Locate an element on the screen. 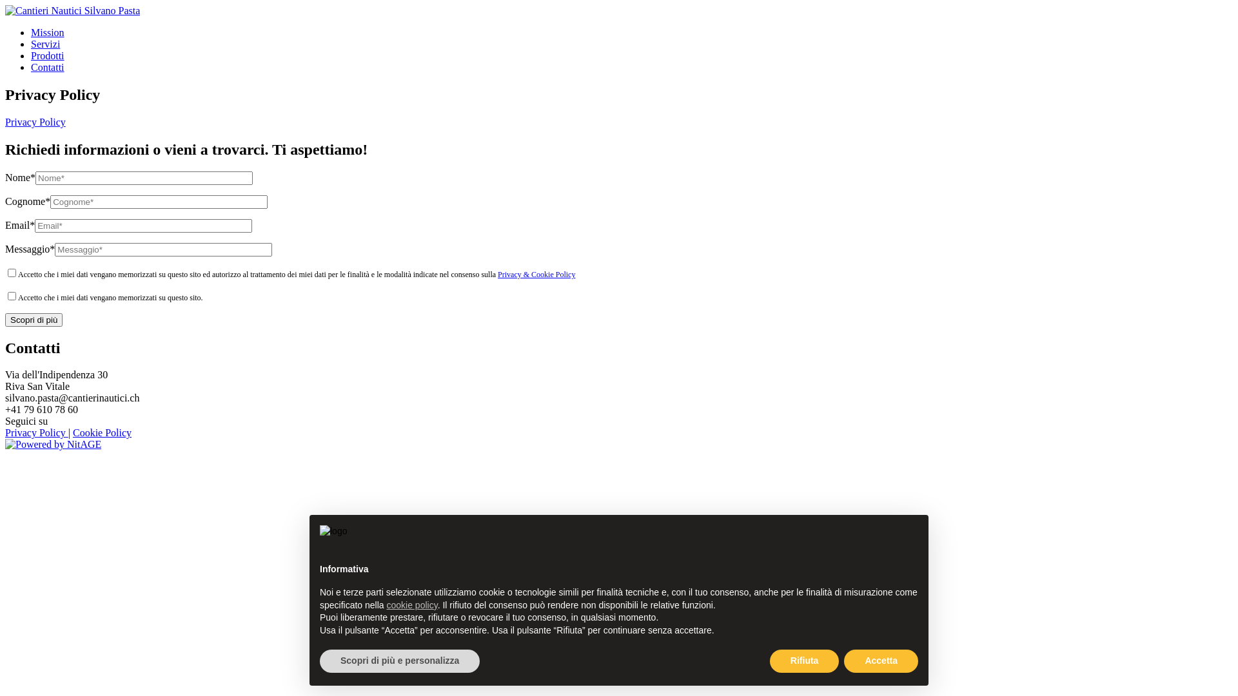 This screenshot has height=696, width=1238. 'Accetta' is located at coordinates (880, 661).